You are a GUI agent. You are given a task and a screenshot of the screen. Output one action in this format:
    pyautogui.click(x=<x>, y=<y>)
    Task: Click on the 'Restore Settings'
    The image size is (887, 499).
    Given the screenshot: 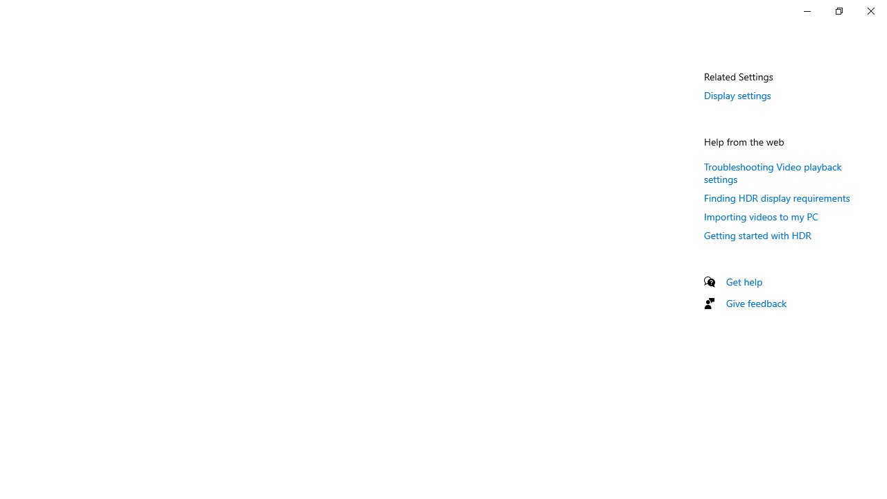 What is the action you would take?
    pyautogui.click(x=838, y=10)
    